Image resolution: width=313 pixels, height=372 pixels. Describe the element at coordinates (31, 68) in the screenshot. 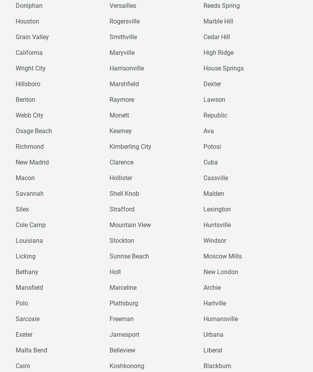

I see `'Wright City'` at that location.